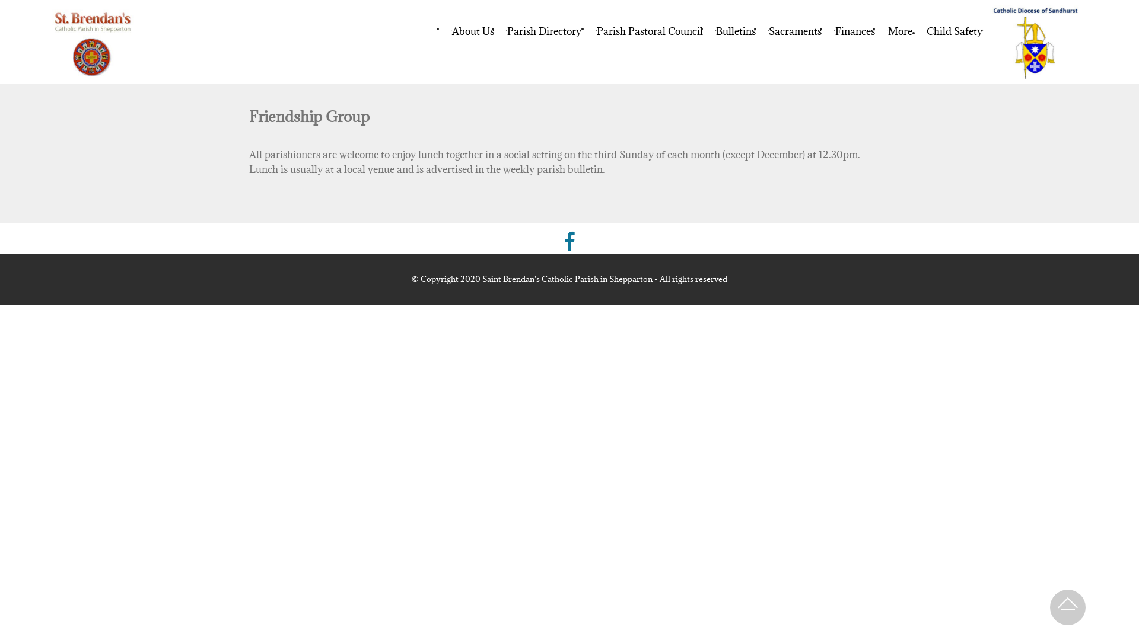 Image resolution: width=1139 pixels, height=640 pixels. Describe the element at coordinates (543, 31) in the screenshot. I see `'Parish Directory '` at that location.